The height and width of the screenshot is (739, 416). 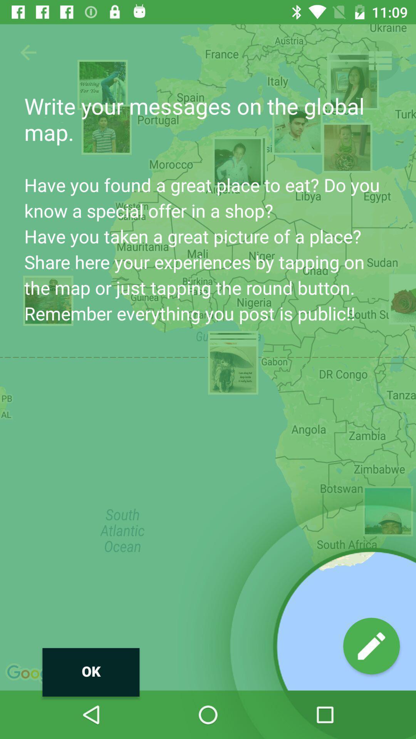 What do you see at coordinates (28, 52) in the screenshot?
I see `button above the ok icon` at bounding box center [28, 52].